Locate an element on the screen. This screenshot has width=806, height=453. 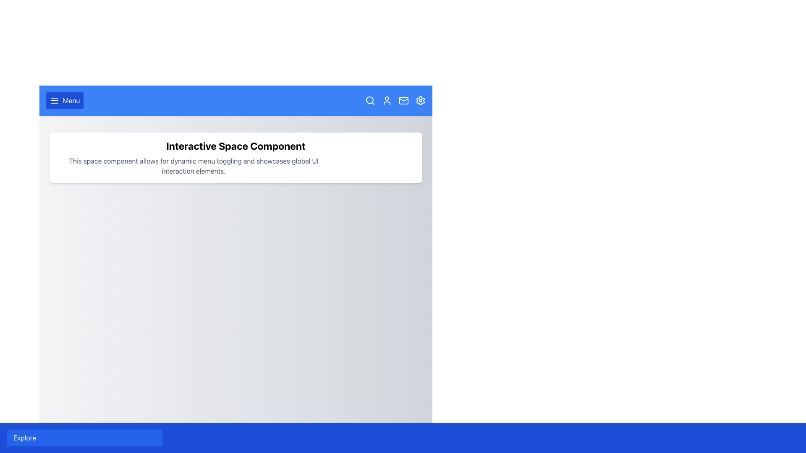
the blue rectangular button labeled 'Explore' is located at coordinates (84, 437).